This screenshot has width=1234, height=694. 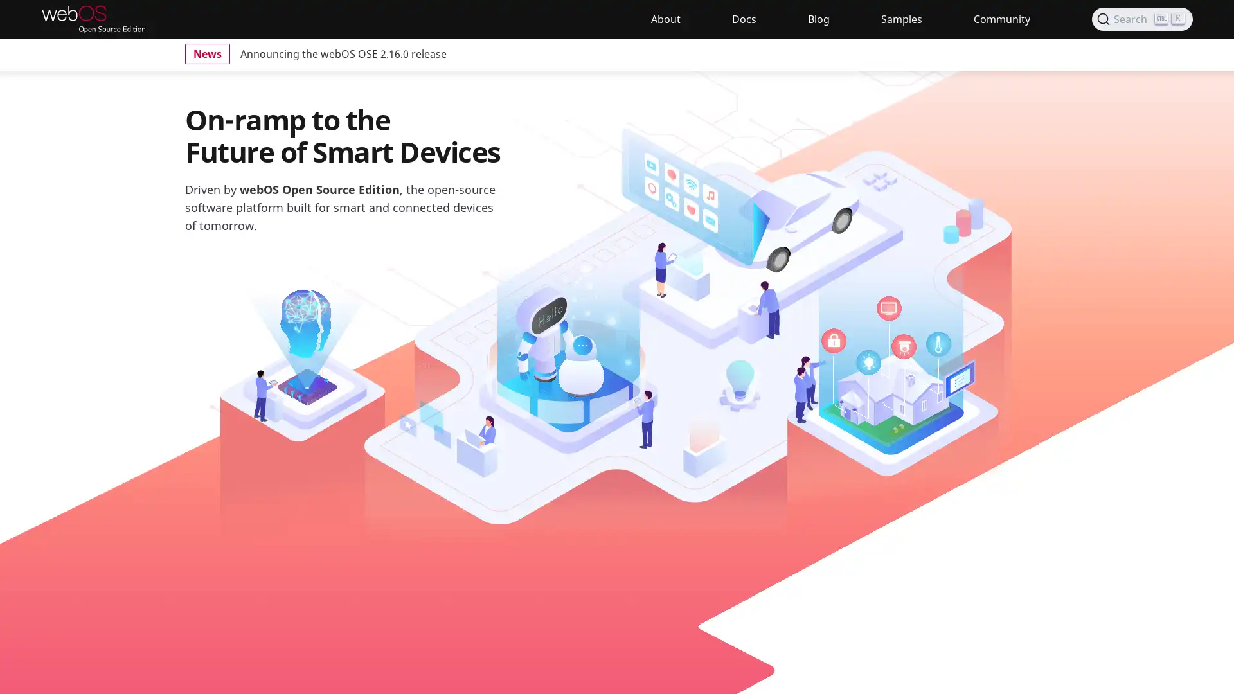 What do you see at coordinates (1142, 19) in the screenshot?
I see `Search` at bounding box center [1142, 19].